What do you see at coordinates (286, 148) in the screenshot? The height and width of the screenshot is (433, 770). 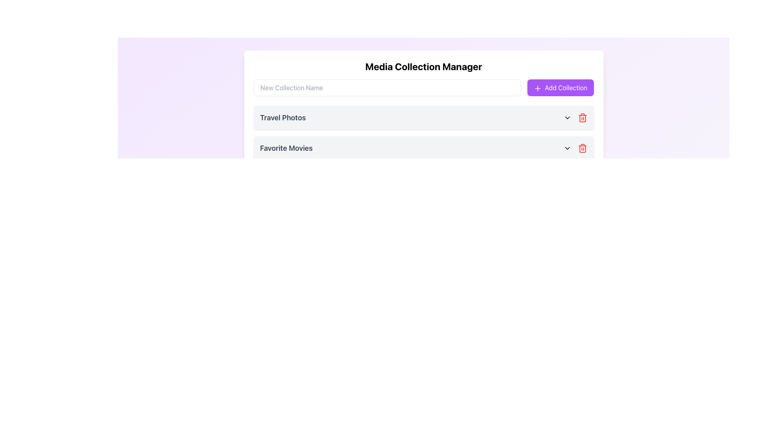 I see `to select the text of the 'Favorite Movies' label, which is styled with a larger font size and medium weight, located under the 'Travel Photos' entry` at bounding box center [286, 148].